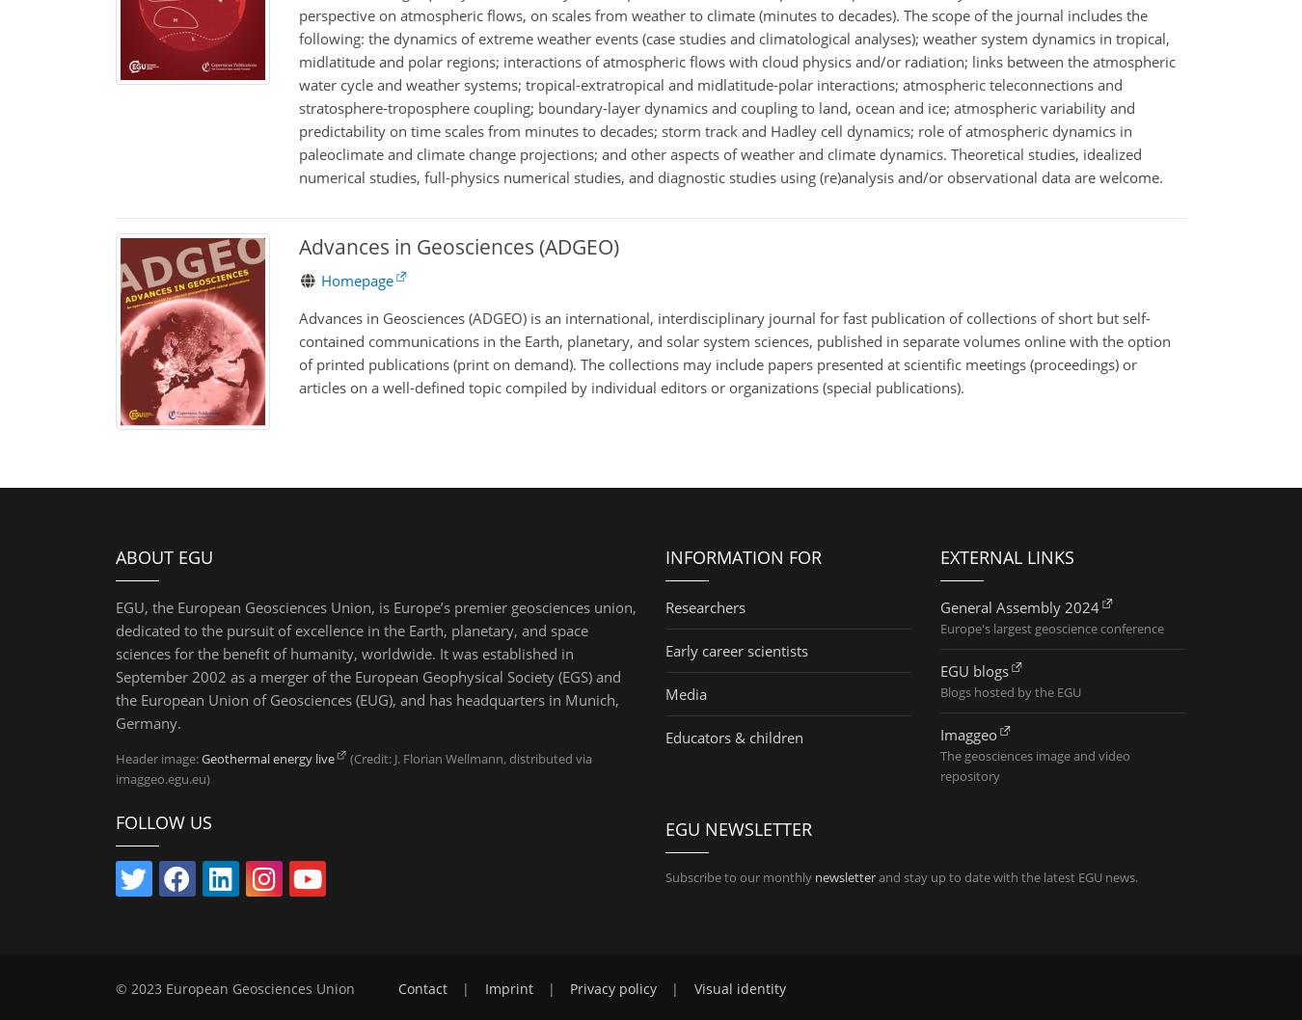 The width and height of the screenshot is (1302, 1020). I want to click on '© 2023 European Geosciences Union', so click(116, 986).